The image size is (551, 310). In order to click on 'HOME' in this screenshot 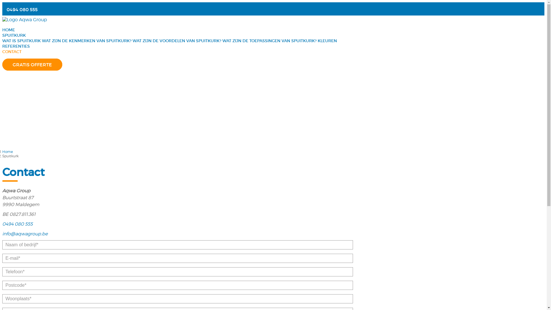, I will do `click(8, 30)`.